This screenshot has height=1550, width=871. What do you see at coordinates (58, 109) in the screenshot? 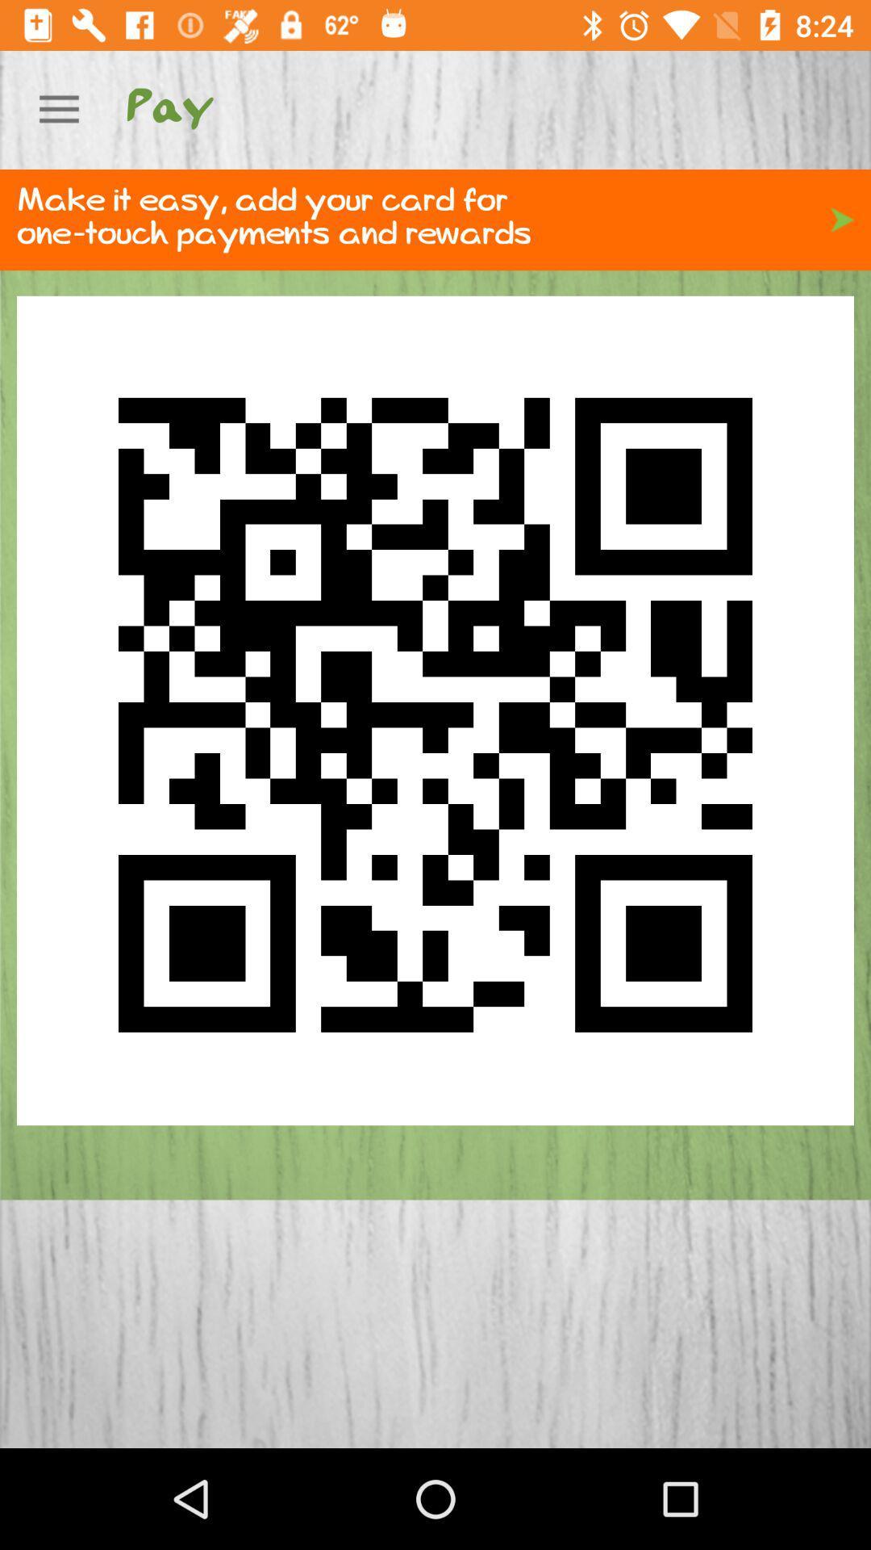
I see `item above the make it easy item` at bounding box center [58, 109].